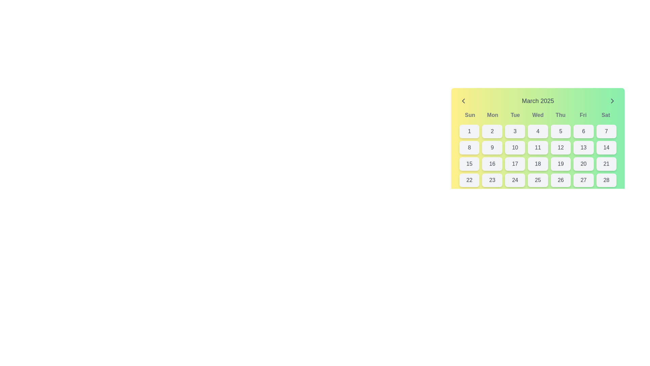  I want to click on the interactive calendar day button displaying the number '15', located in the third row and first column of the calendar layout for March 2025, so click(469, 164).